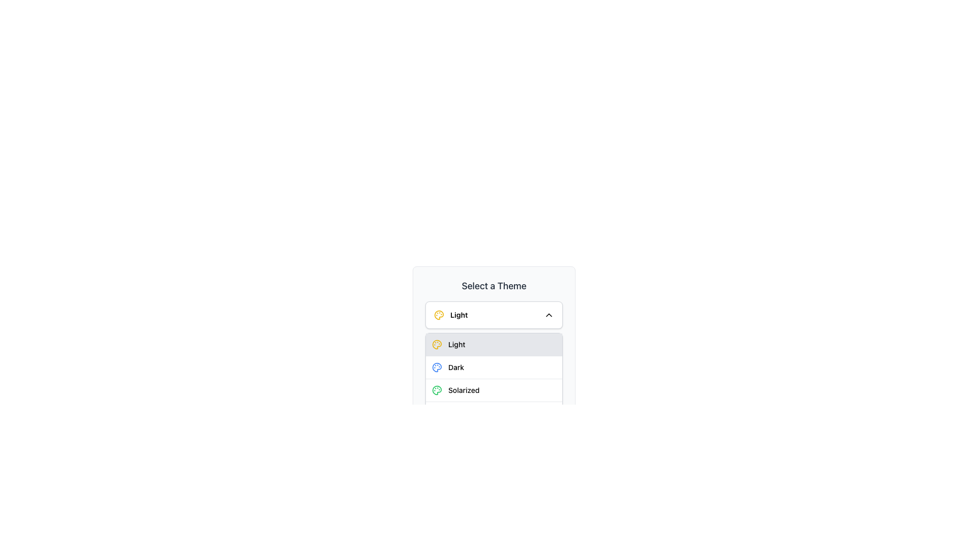  Describe the element at coordinates (458, 315) in the screenshot. I see `the 'Light' text label within the 'Select a Theme' dropdown, which is styled in bold and is the first selectable item adjacent to a palette icon` at that location.